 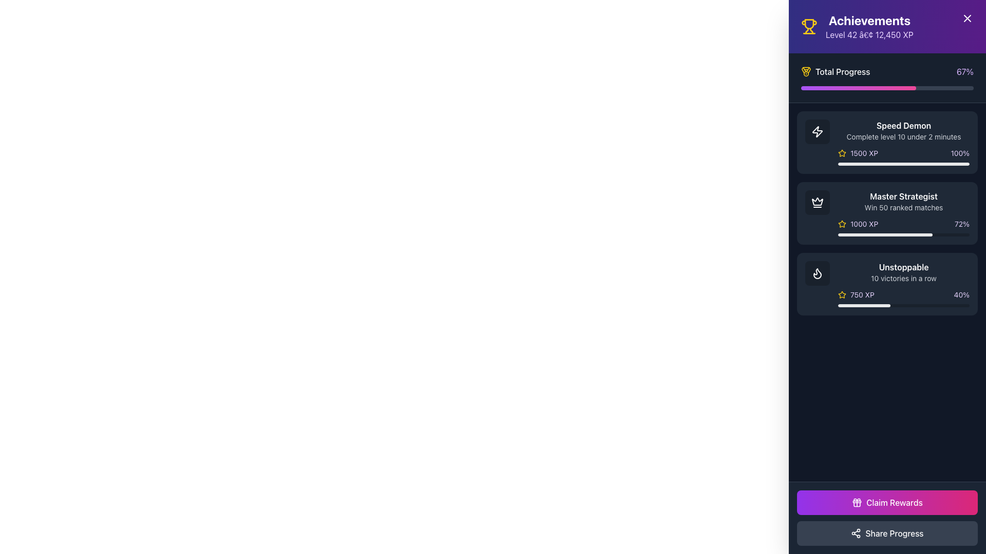 What do you see at coordinates (817, 130) in the screenshot?
I see `the decorative SVG icon representing an achievement entry, located near the top-left corner of the achievements panel, next to the text label` at bounding box center [817, 130].